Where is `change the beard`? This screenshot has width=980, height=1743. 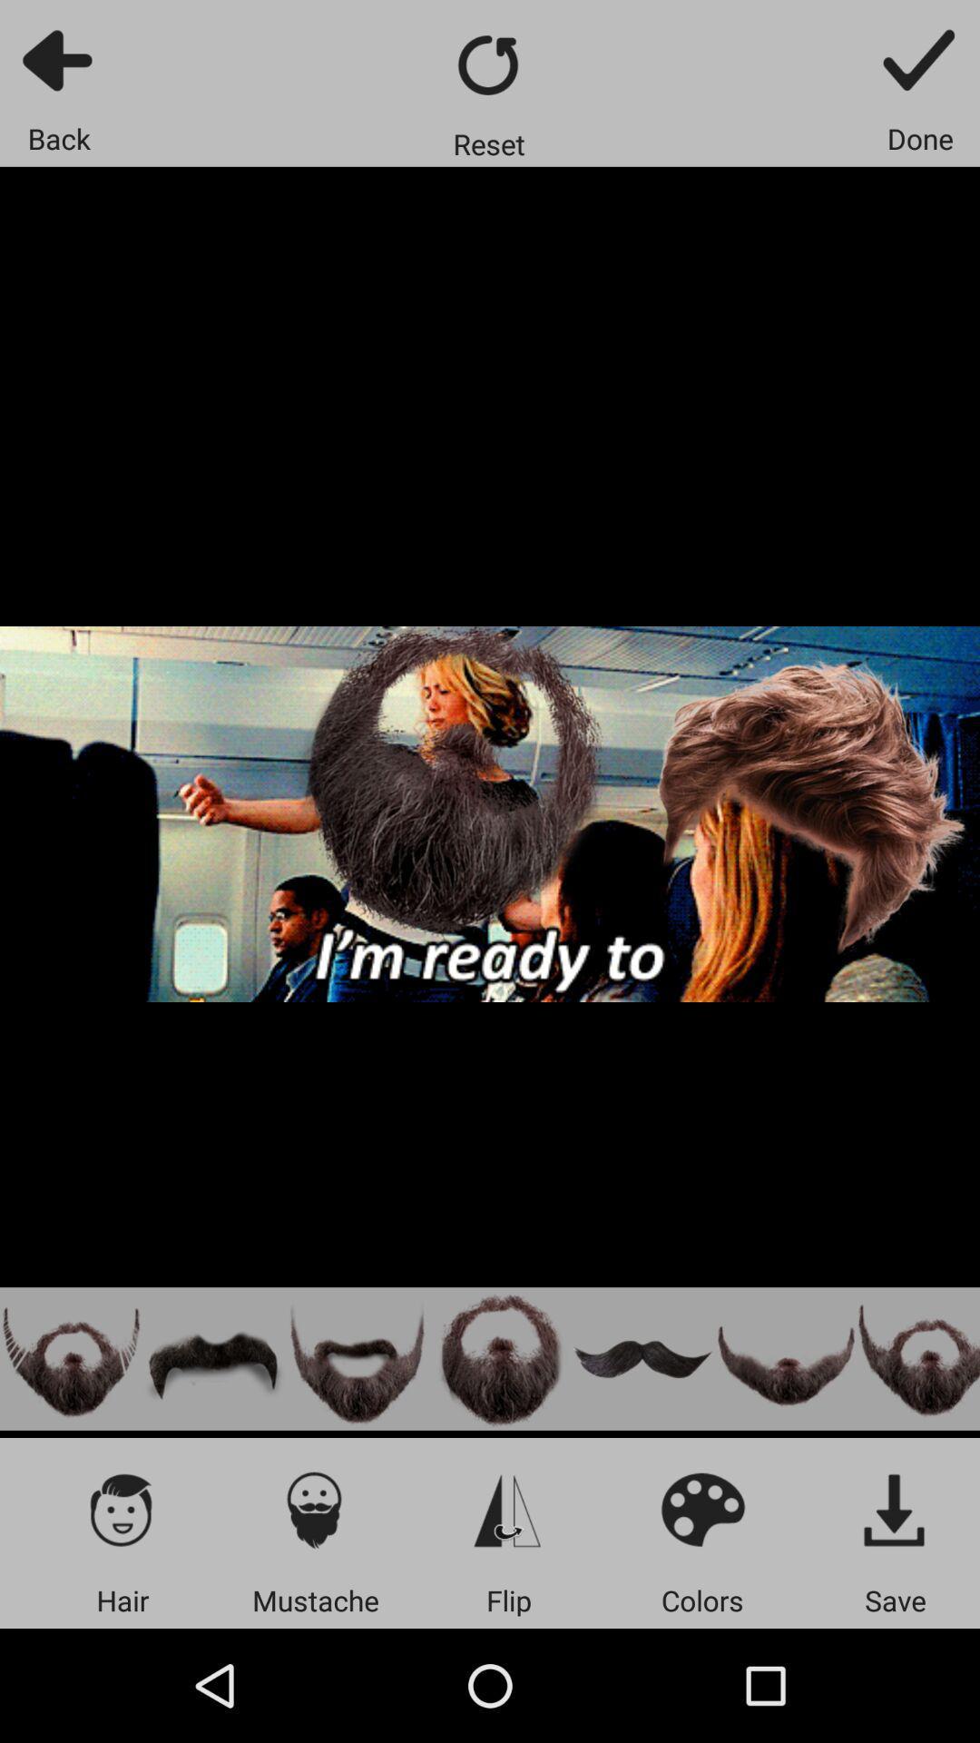 change the beard is located at coordinates (785, 1359).